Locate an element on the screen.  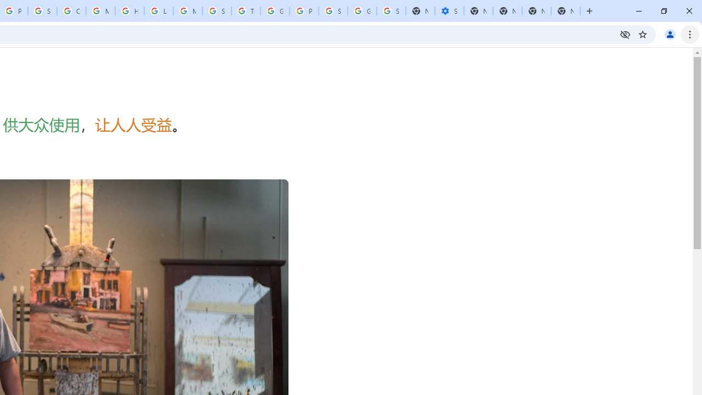
'Settings - Performance' is located at coordinates (449, 11).